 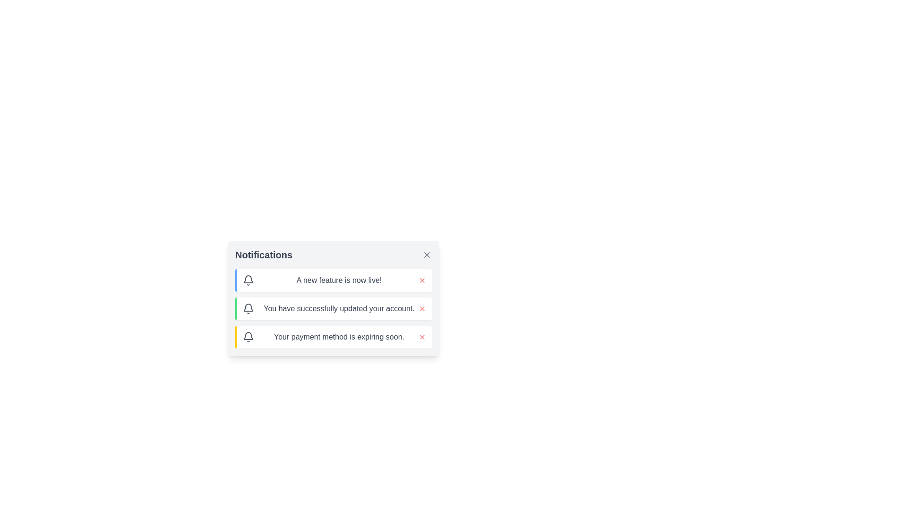 I want to click on the bell icon representing notifications, located within the notification card at the top of the notifications list, to the left of the text 'A new feature is now live!', so click(x=248, y=280).